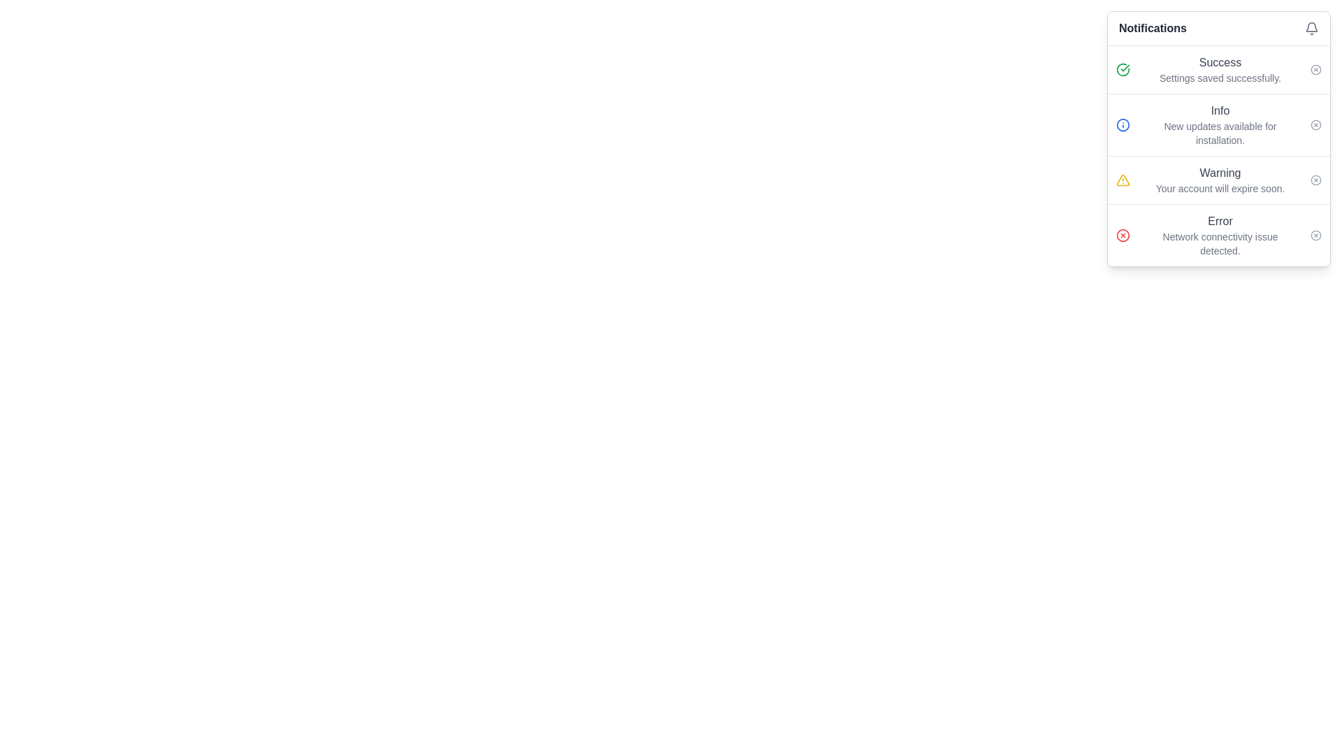 Image resolution: width=1342 pixels, height=755 pixels. Describe the element at coordinates (1218, 139) in the screenshot. I see `individual notification items in the Notification Panel located at the top-right corner of the interface, which features a white background and a header titled 'Notifications'` at that location.